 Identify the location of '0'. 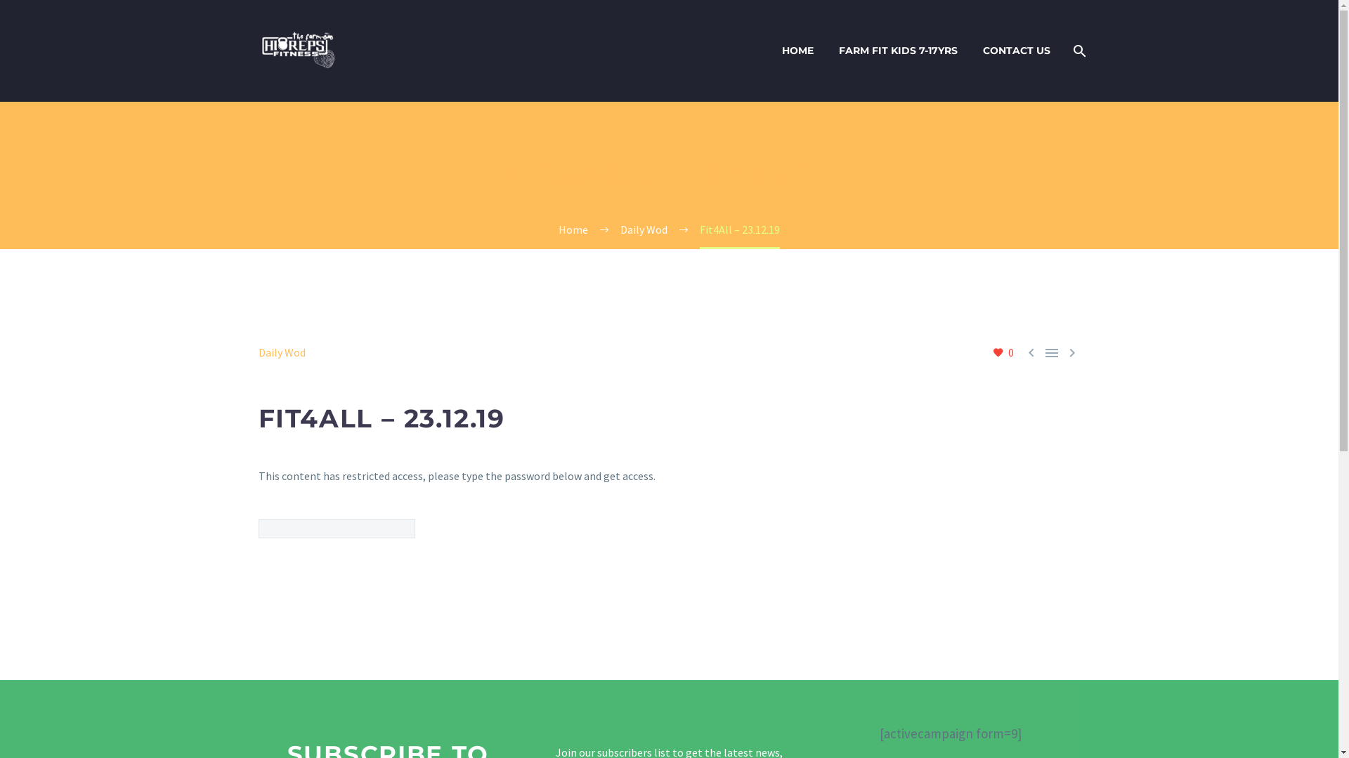
(1001, 352).